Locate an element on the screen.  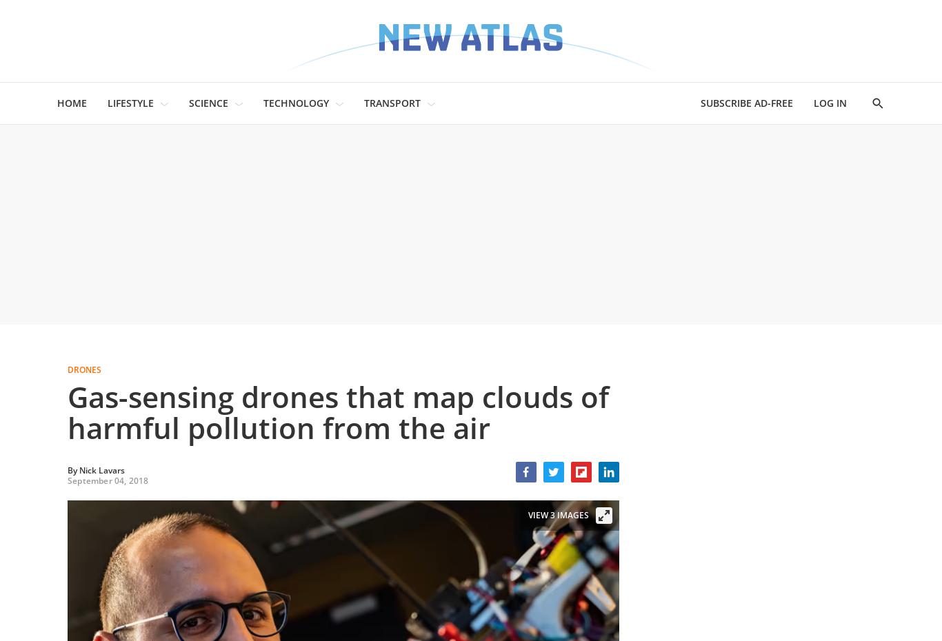
'Nick Lavars' is located at coordinates (101, 469).